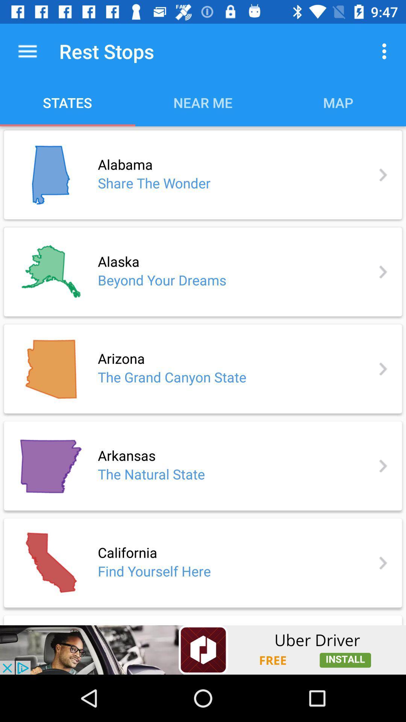  Describe the element at coordinates (203, 649) in the screenshot. I see `advertisement` at that location.